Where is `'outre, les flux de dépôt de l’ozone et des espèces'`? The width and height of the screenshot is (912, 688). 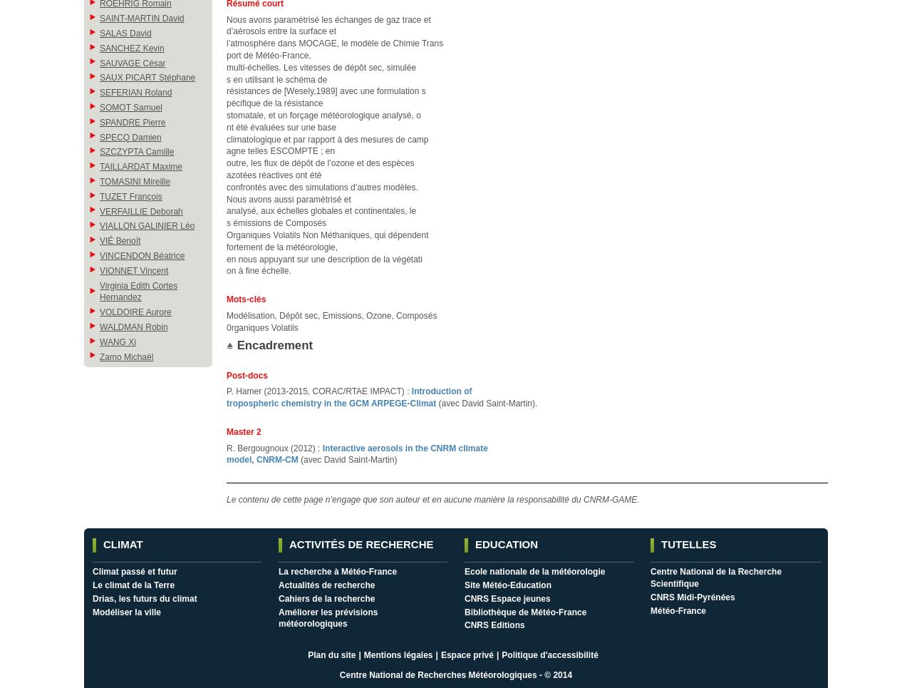
'outre, les flux de dépôt de l’ozone et des espèces' is located at coordinates (319, 162).